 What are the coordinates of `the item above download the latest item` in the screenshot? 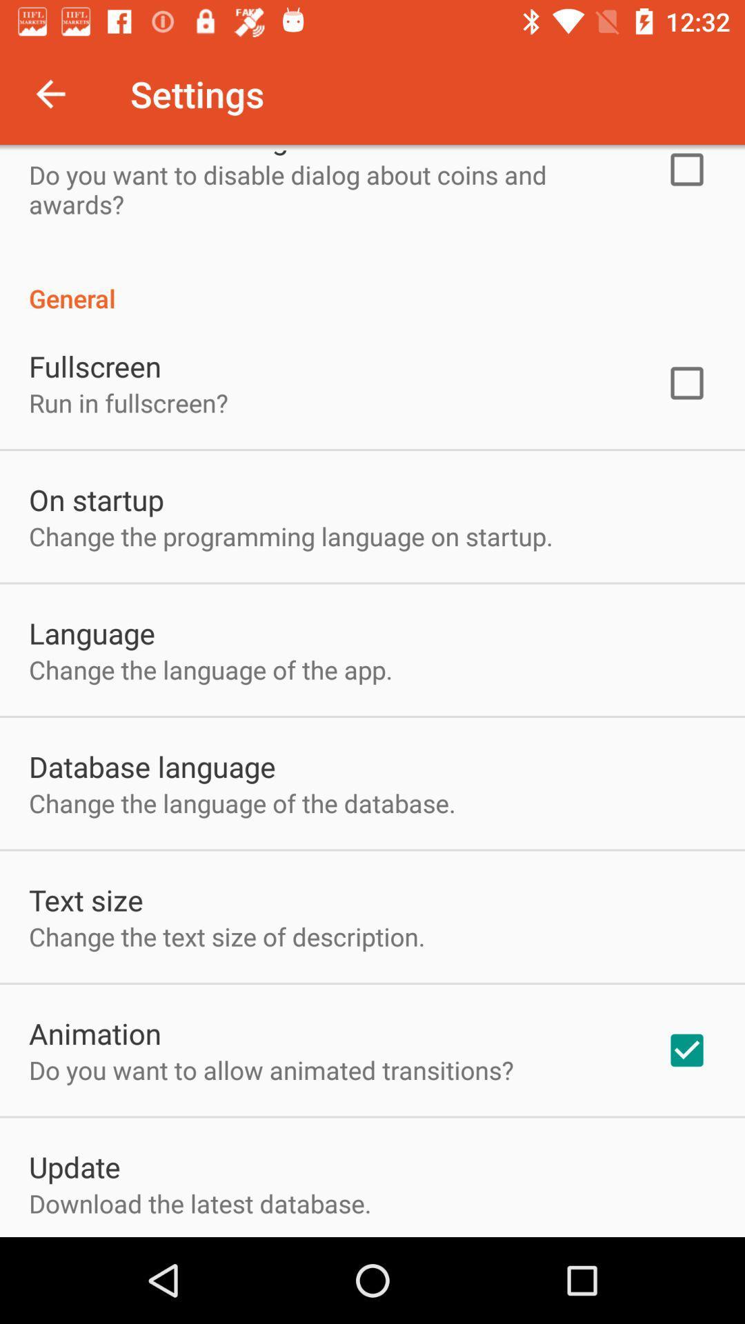 It's located at (74, 1165).